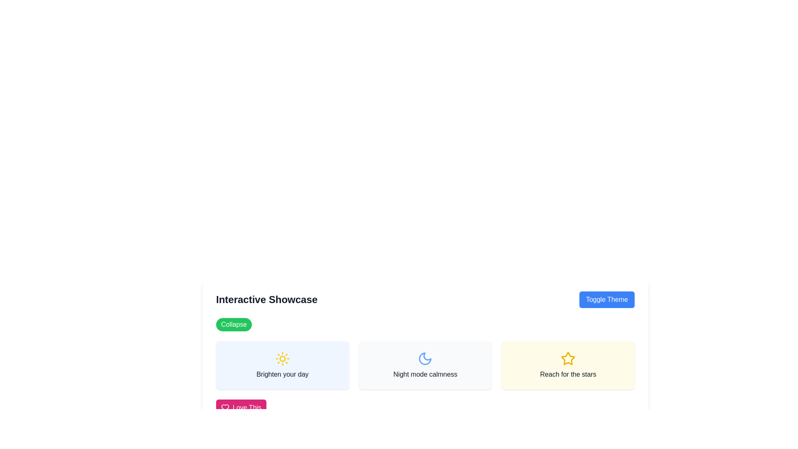 The width and height of the screenshot is (798, 449). I want to click on the small circle in the center of the outlined sun-like icon within the first interactive card labeled 'Brighten your day', so click(282, 358).